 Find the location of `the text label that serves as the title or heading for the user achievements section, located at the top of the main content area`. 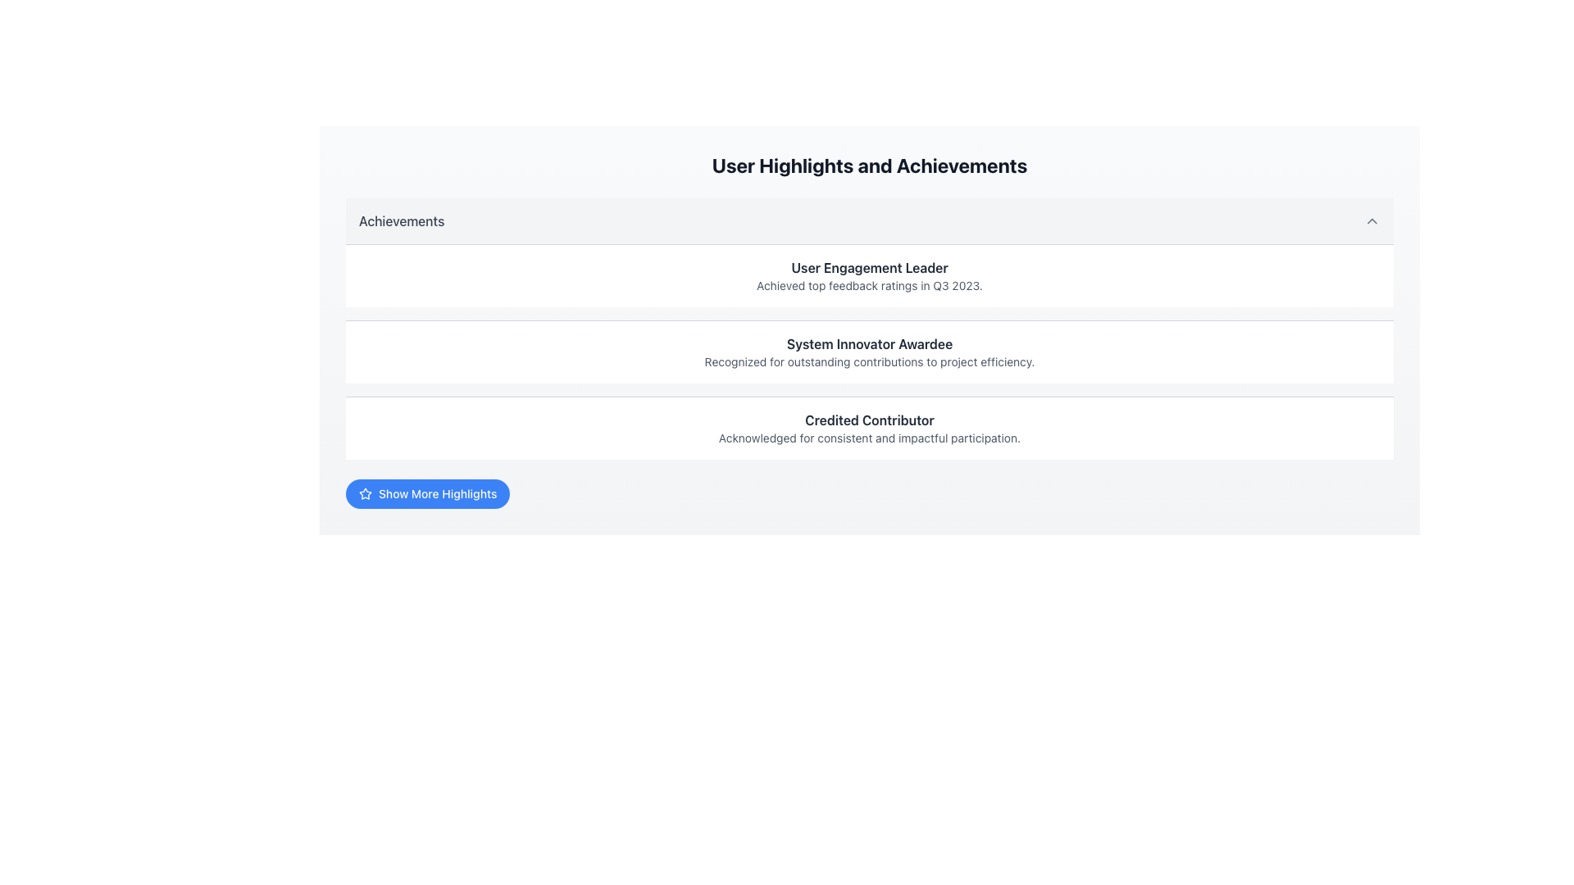

the text label that serves as the title or heading for the user achievements section, located at the top of the main content area is located at coordinates (868, 165).